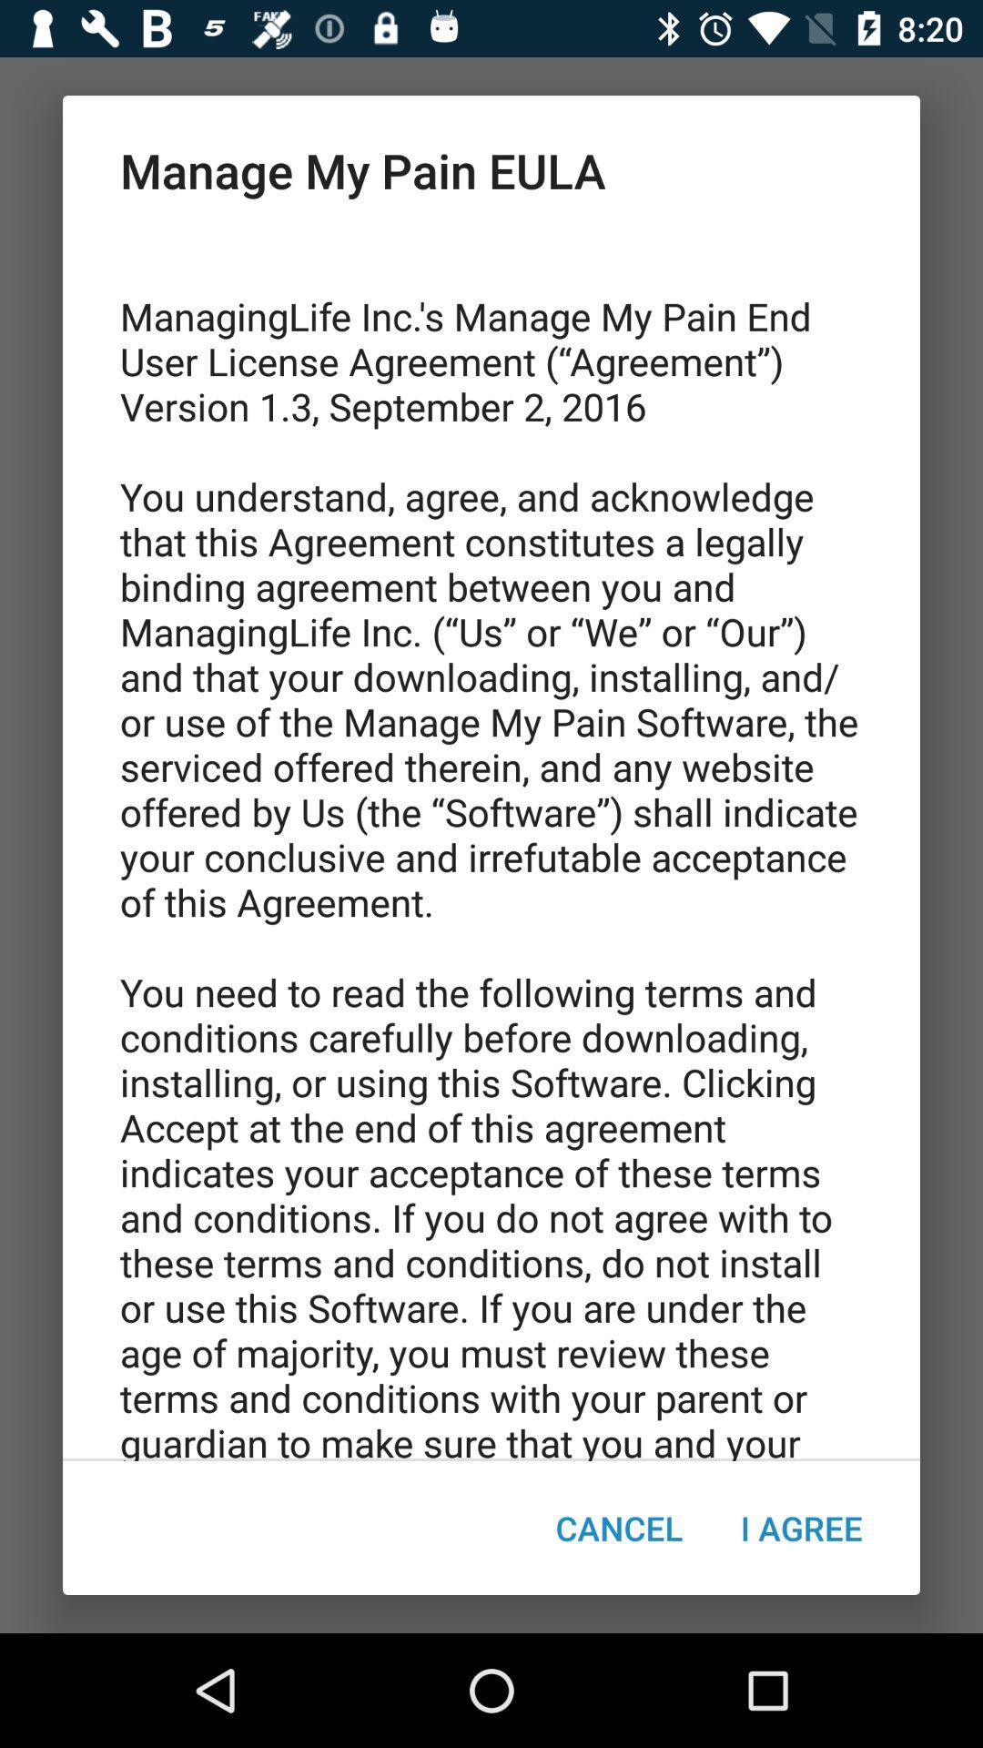  What do you see at coordinates (618, 1528) in the screenshot?
I see `the button to the left of i agree` at bounding box center [618, 1528].